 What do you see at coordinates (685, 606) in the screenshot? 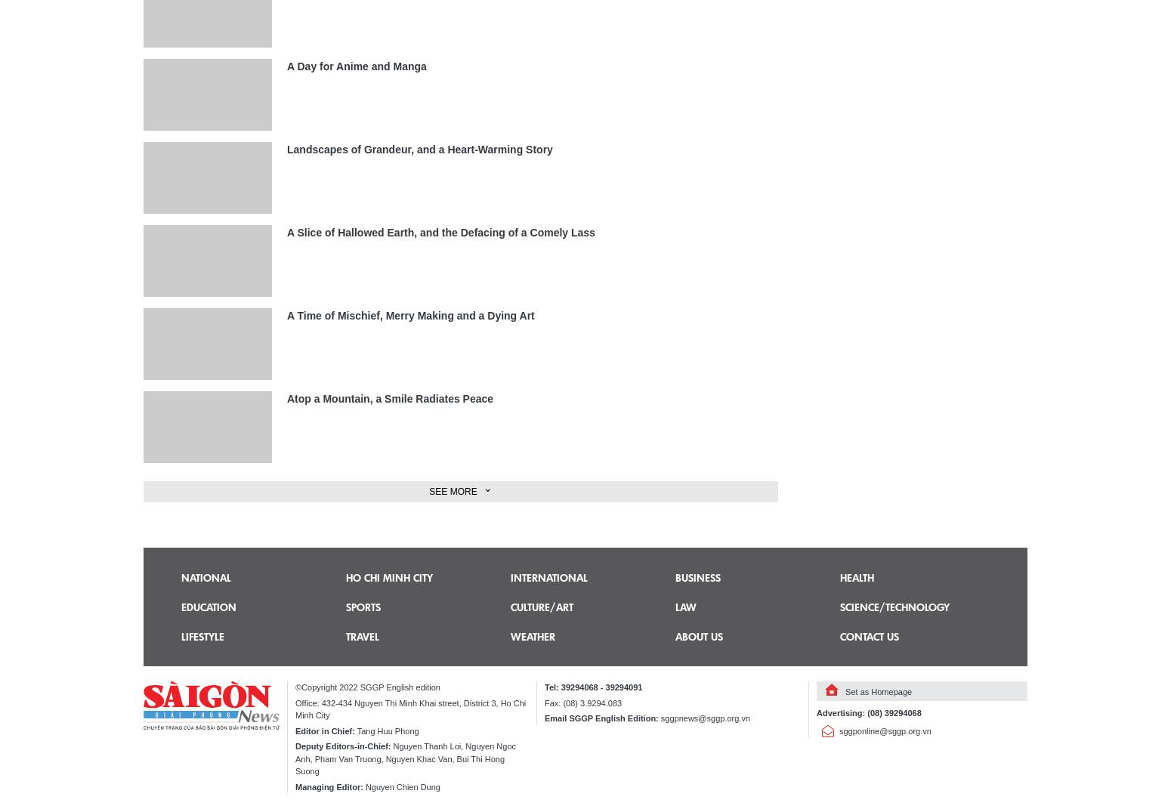
I see `'Law'` at bounding box center [685, 606].